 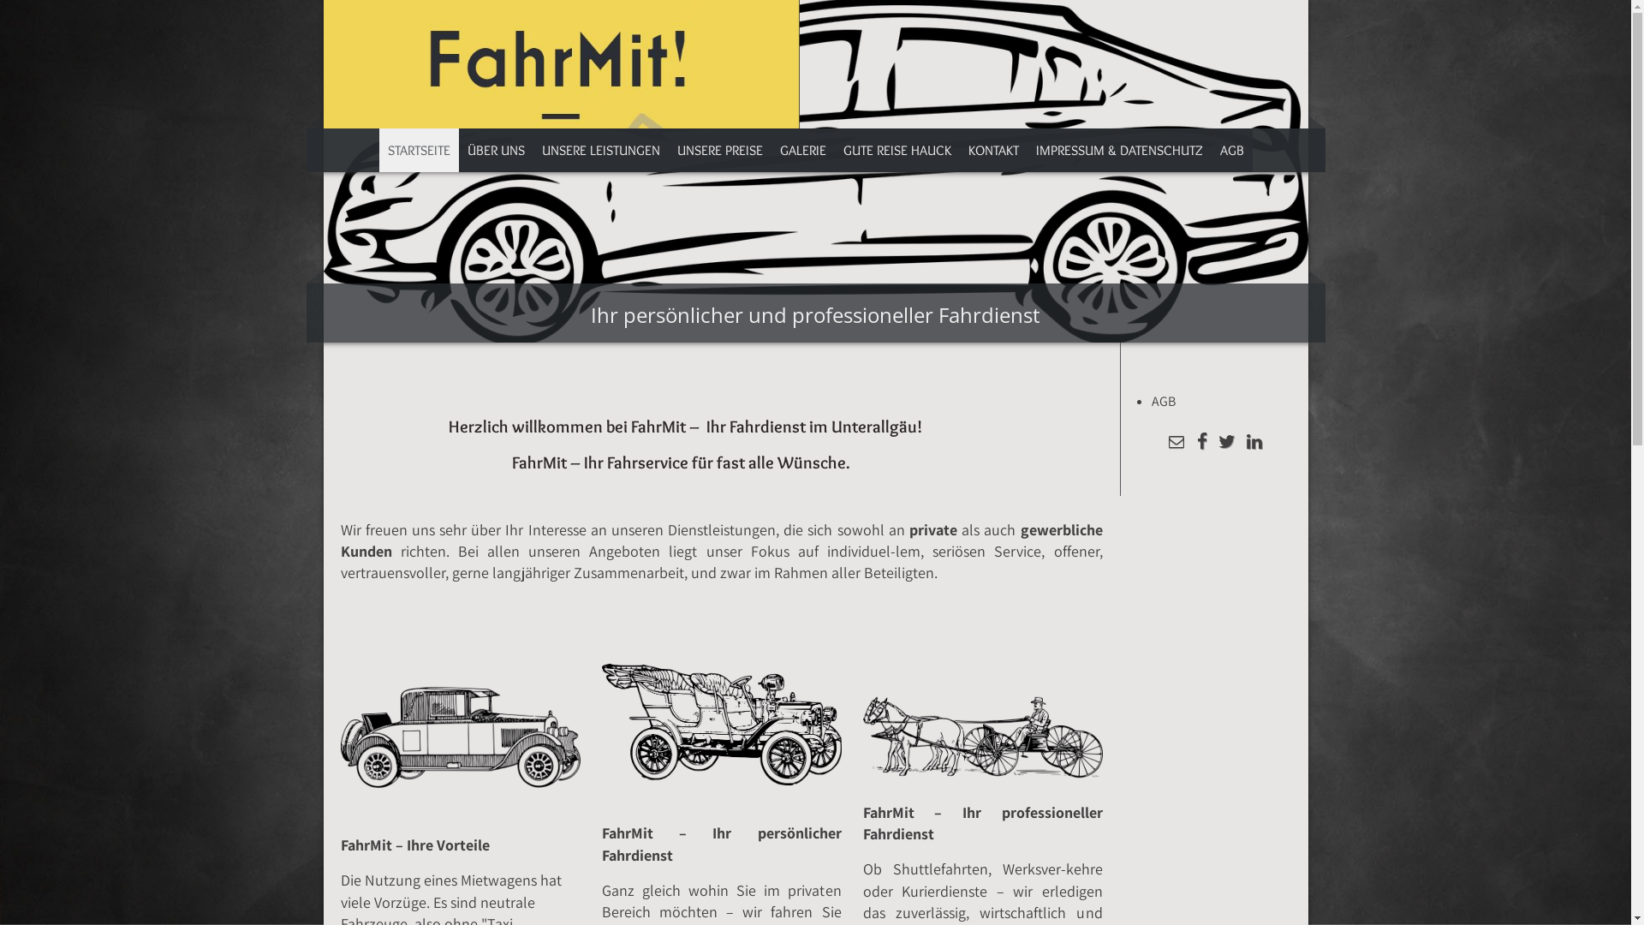 What do you see at coordinates (957, 149) in the screenshot?
I see `'KONTAKT'` at bounding box center [957, 149].